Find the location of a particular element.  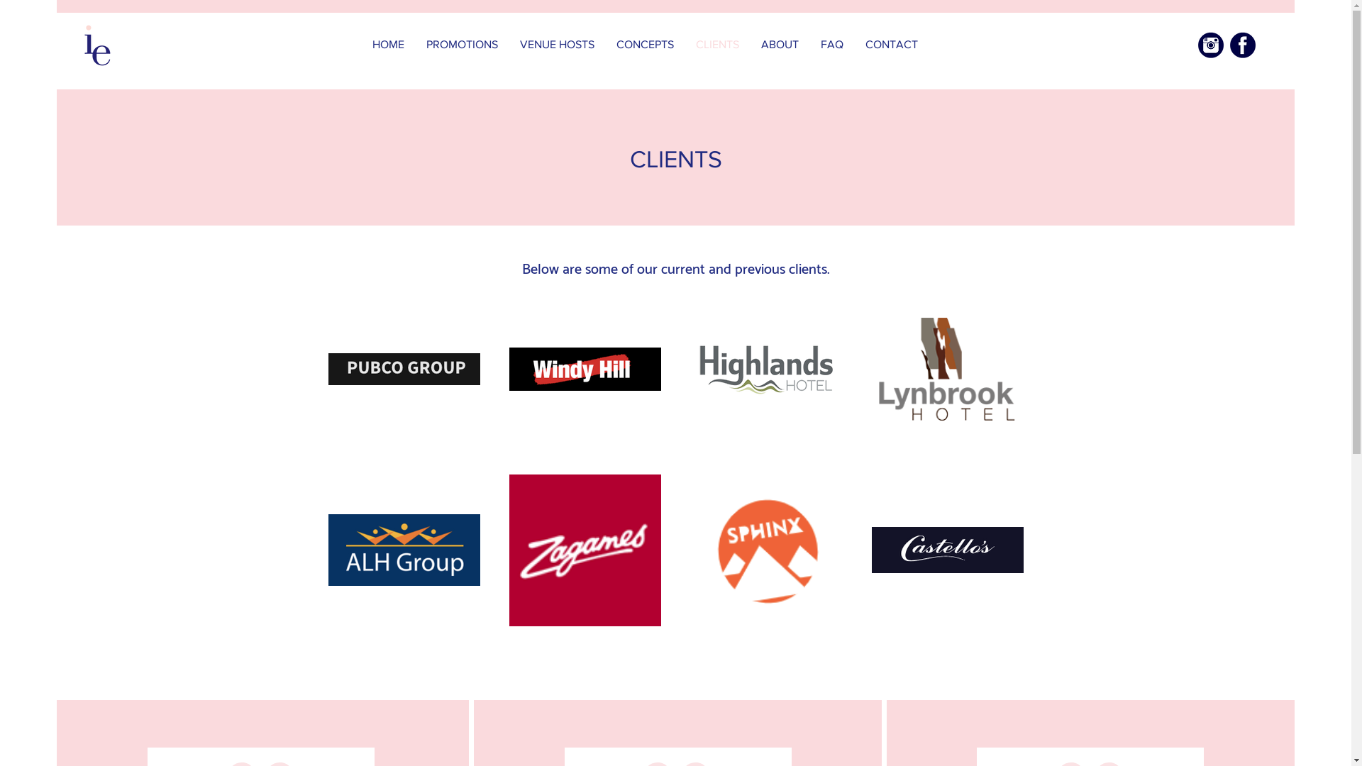

'CONCEPTS' is located at coordinates (645, 43).